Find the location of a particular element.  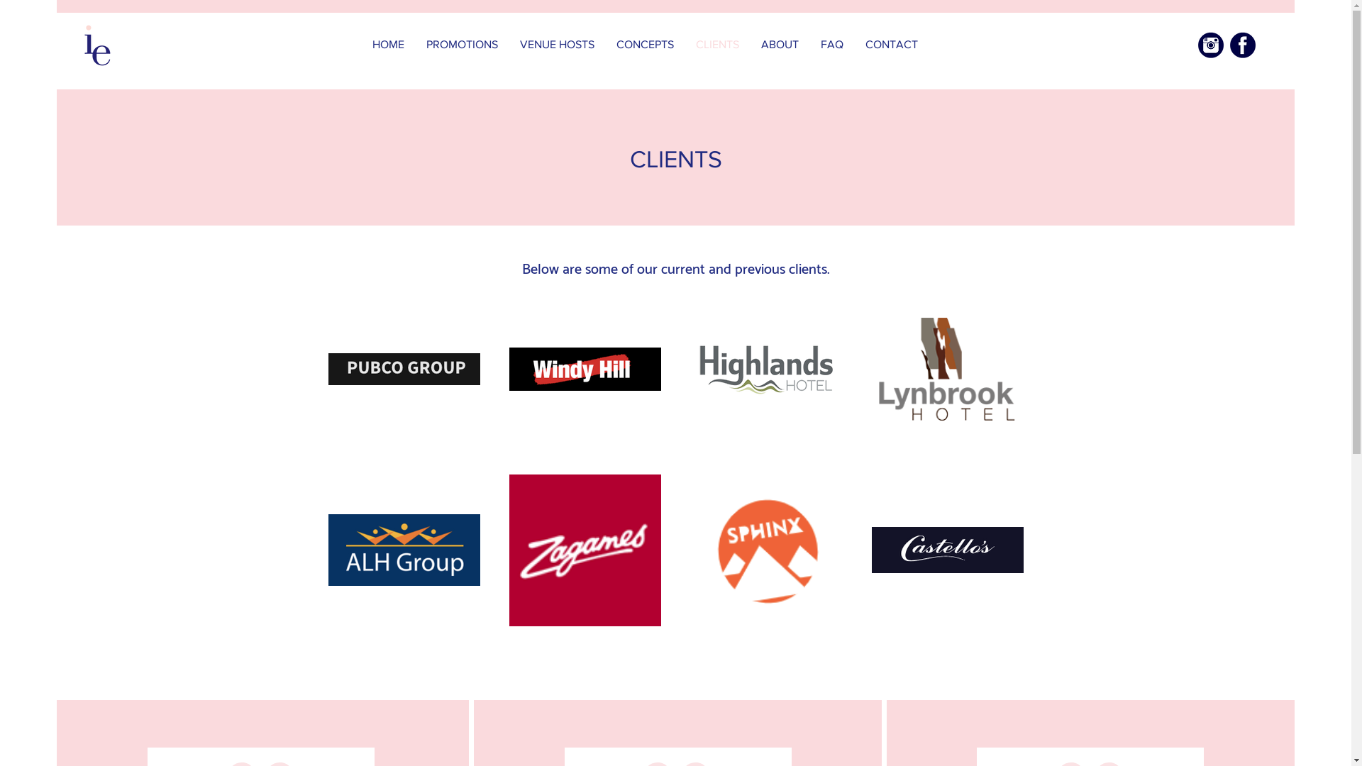

'CONCEPTS' is located at coordinates (645, 43).